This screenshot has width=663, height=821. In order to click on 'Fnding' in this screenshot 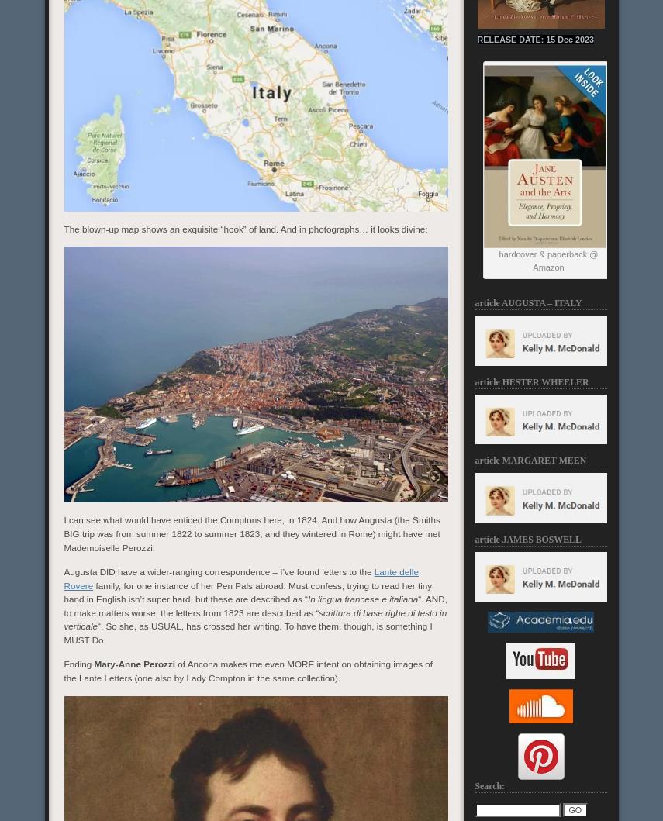, I will do `click(78, 664)`.